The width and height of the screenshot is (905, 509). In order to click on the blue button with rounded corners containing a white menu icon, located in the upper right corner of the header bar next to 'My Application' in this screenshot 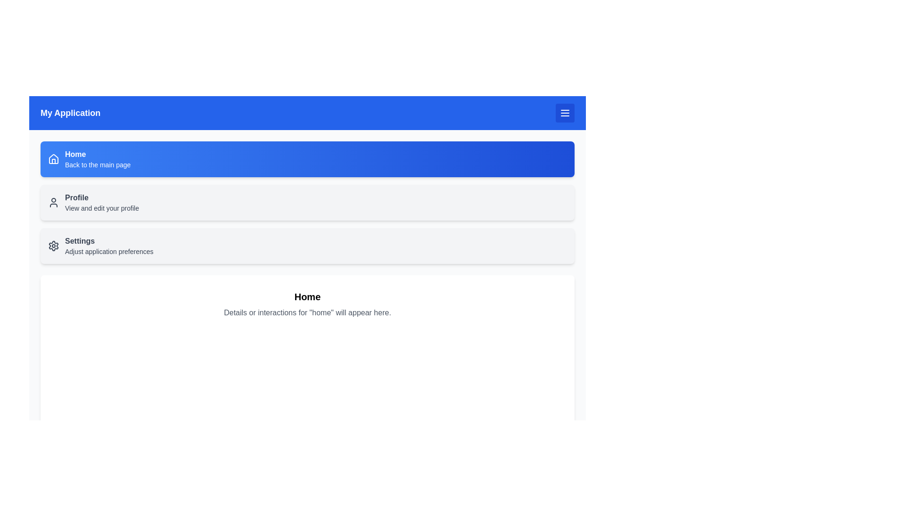, I will do `click(565, 112)`.